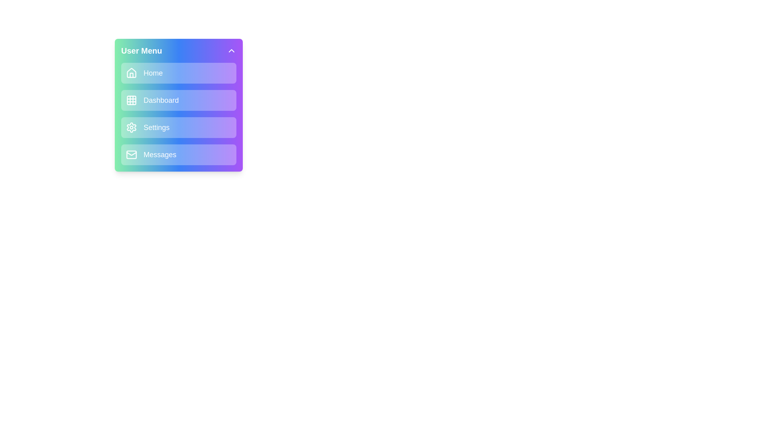  Describe the element at coordinates (178, 100) in the screenshot. I see `the menu item Dashboard to navigate to its corresponding section` at that location.